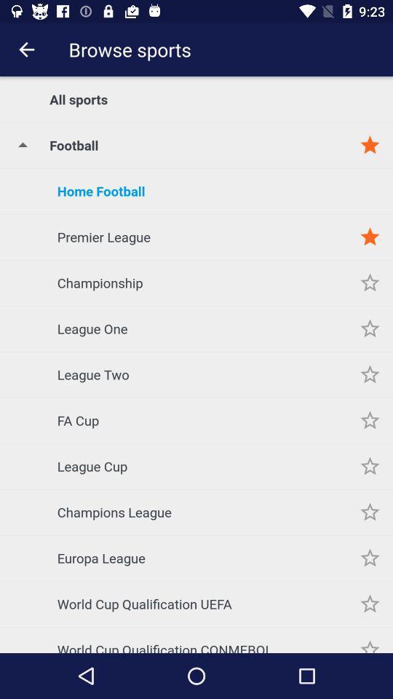 This screenshot has width=393, height=699. What do you see at coordinates (370, 604) in the screenshot?
I see `indicates subject preference` at bounding box center [370, 604].